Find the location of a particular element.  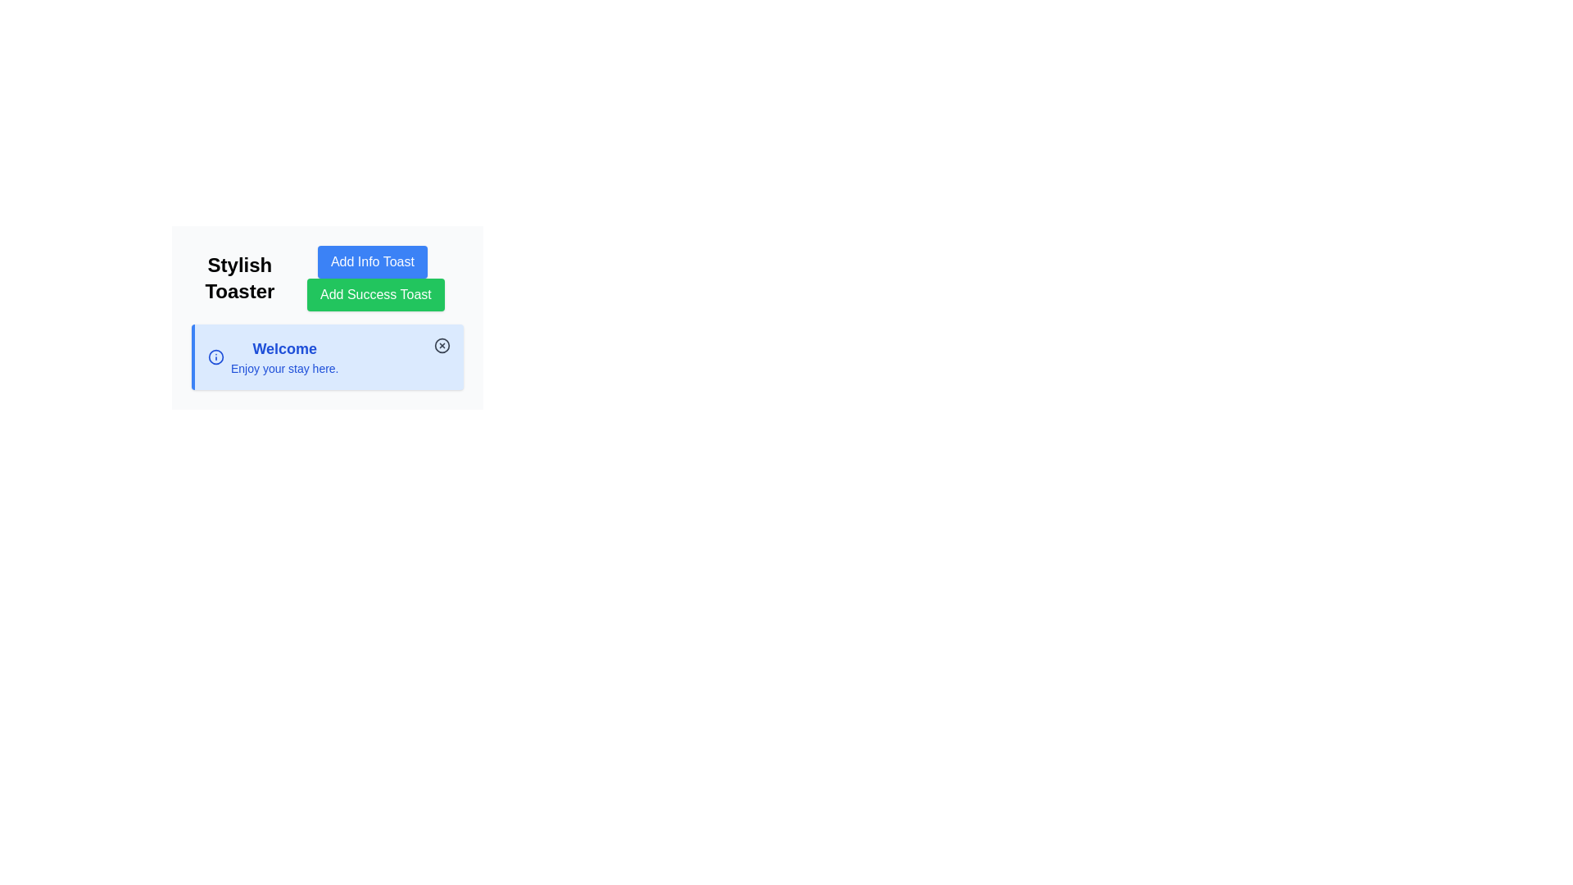

the button located at the top-middle part of the interface is located at coordinates (371, 261).